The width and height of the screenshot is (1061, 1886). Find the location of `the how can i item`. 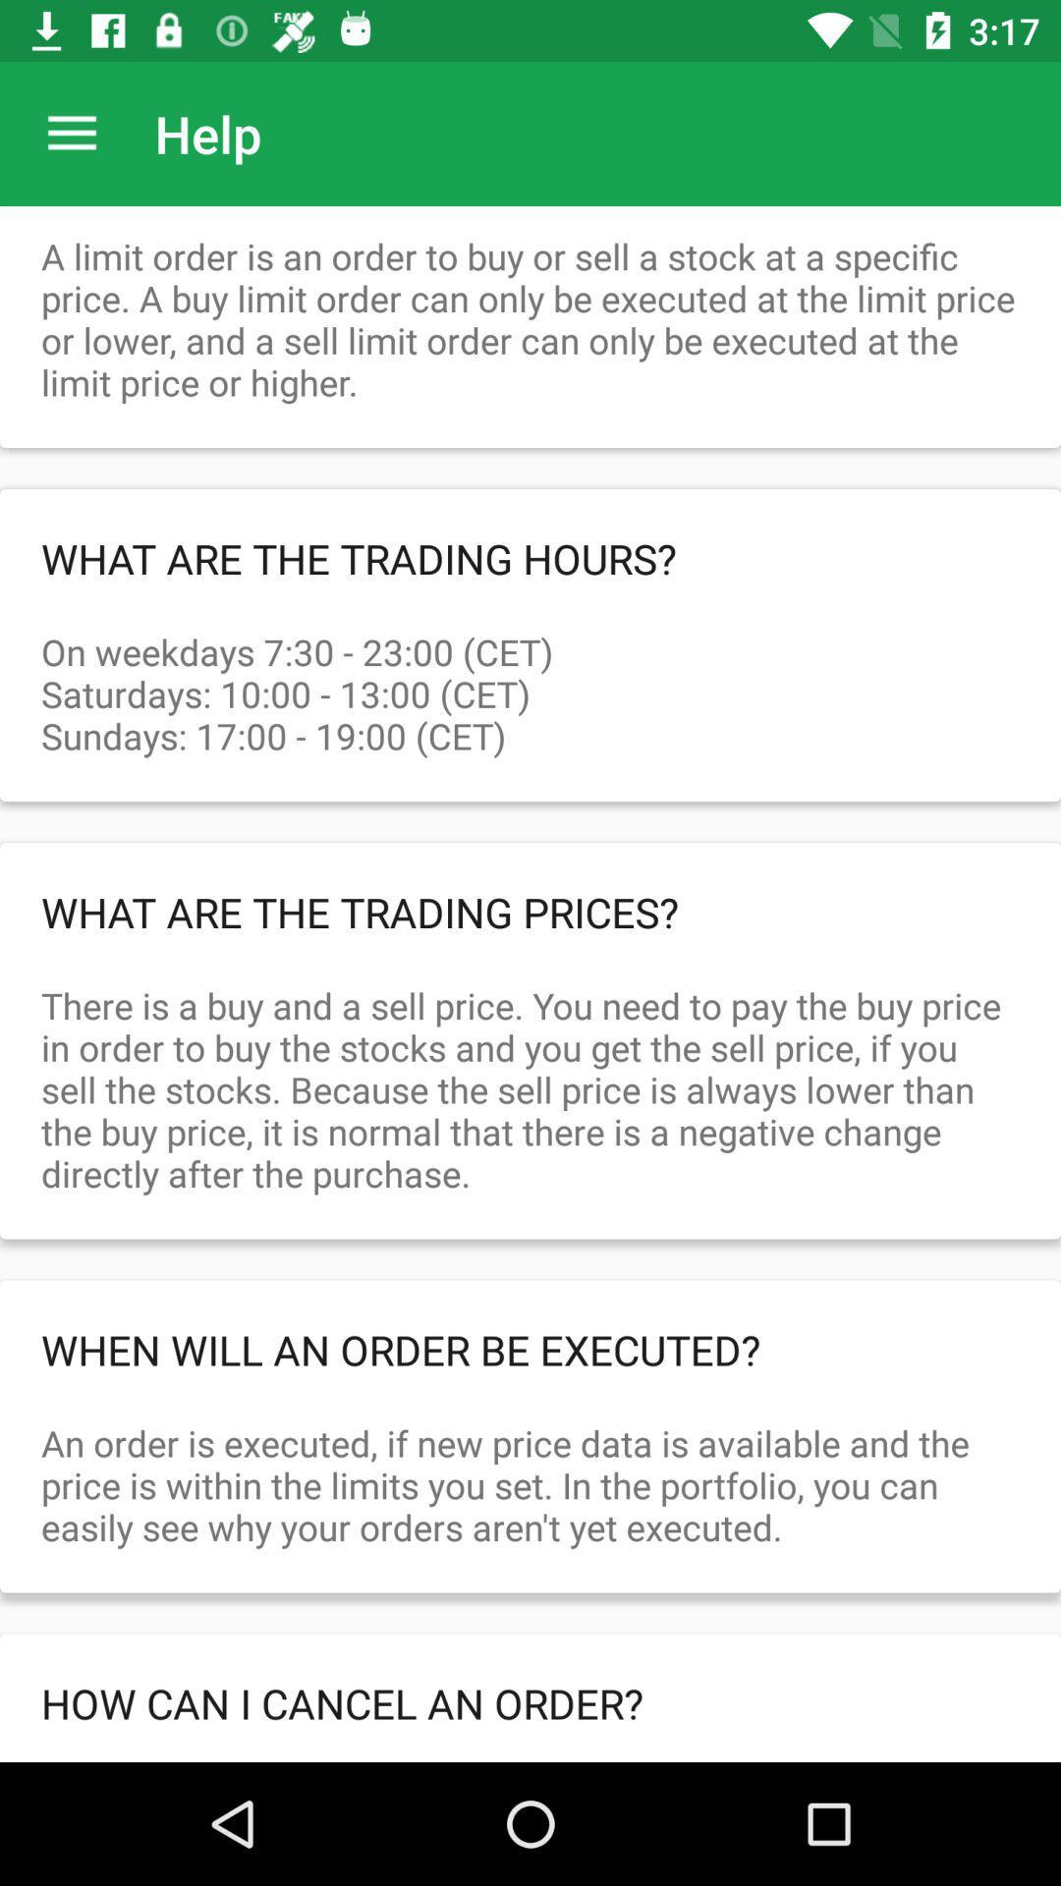

the how can i item is located at coordinates (530, 1701).